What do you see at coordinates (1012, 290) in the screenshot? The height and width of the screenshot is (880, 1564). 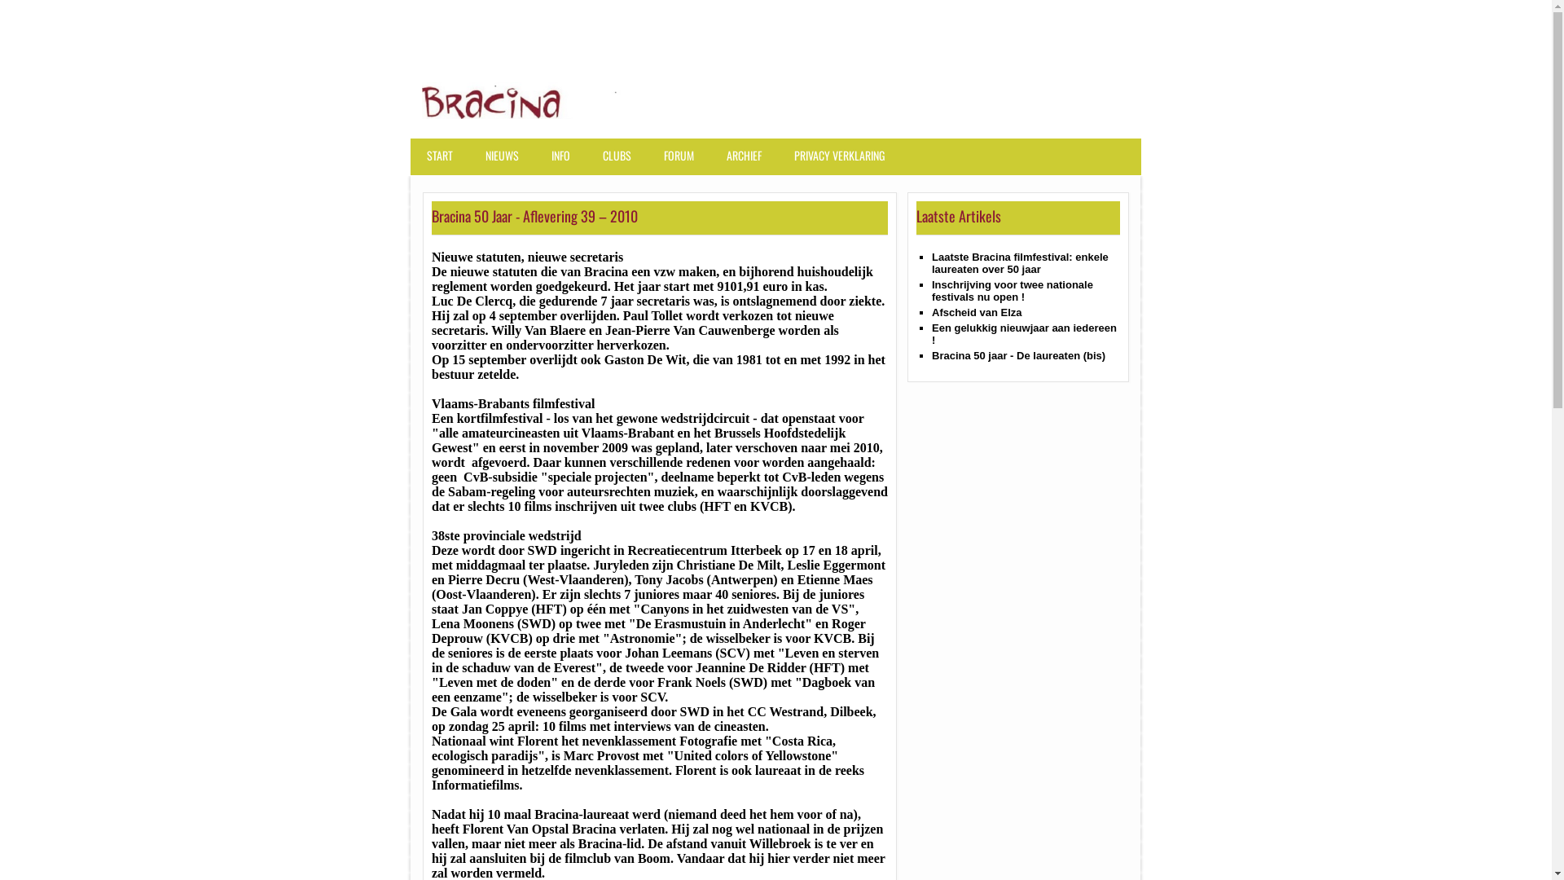 I see `'Inschrijving voor twee nationale festivals nu open !'` at bounding box center [1012, 290].